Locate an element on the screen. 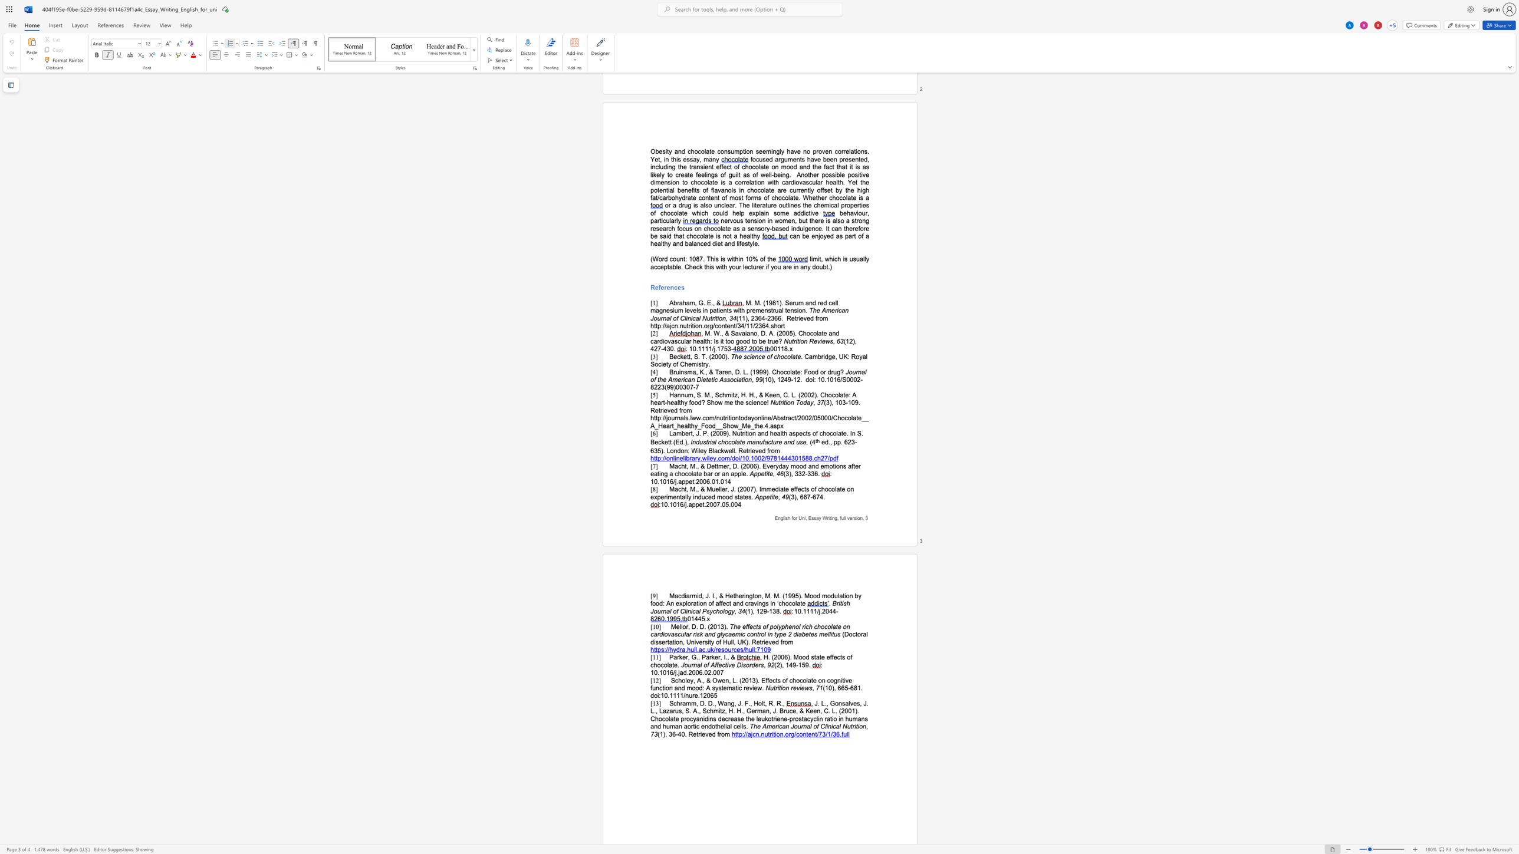 This screenshot has width=1519, height=854. the space between the continuous character "." and "a" in the text is located at coordinates (678, 481).